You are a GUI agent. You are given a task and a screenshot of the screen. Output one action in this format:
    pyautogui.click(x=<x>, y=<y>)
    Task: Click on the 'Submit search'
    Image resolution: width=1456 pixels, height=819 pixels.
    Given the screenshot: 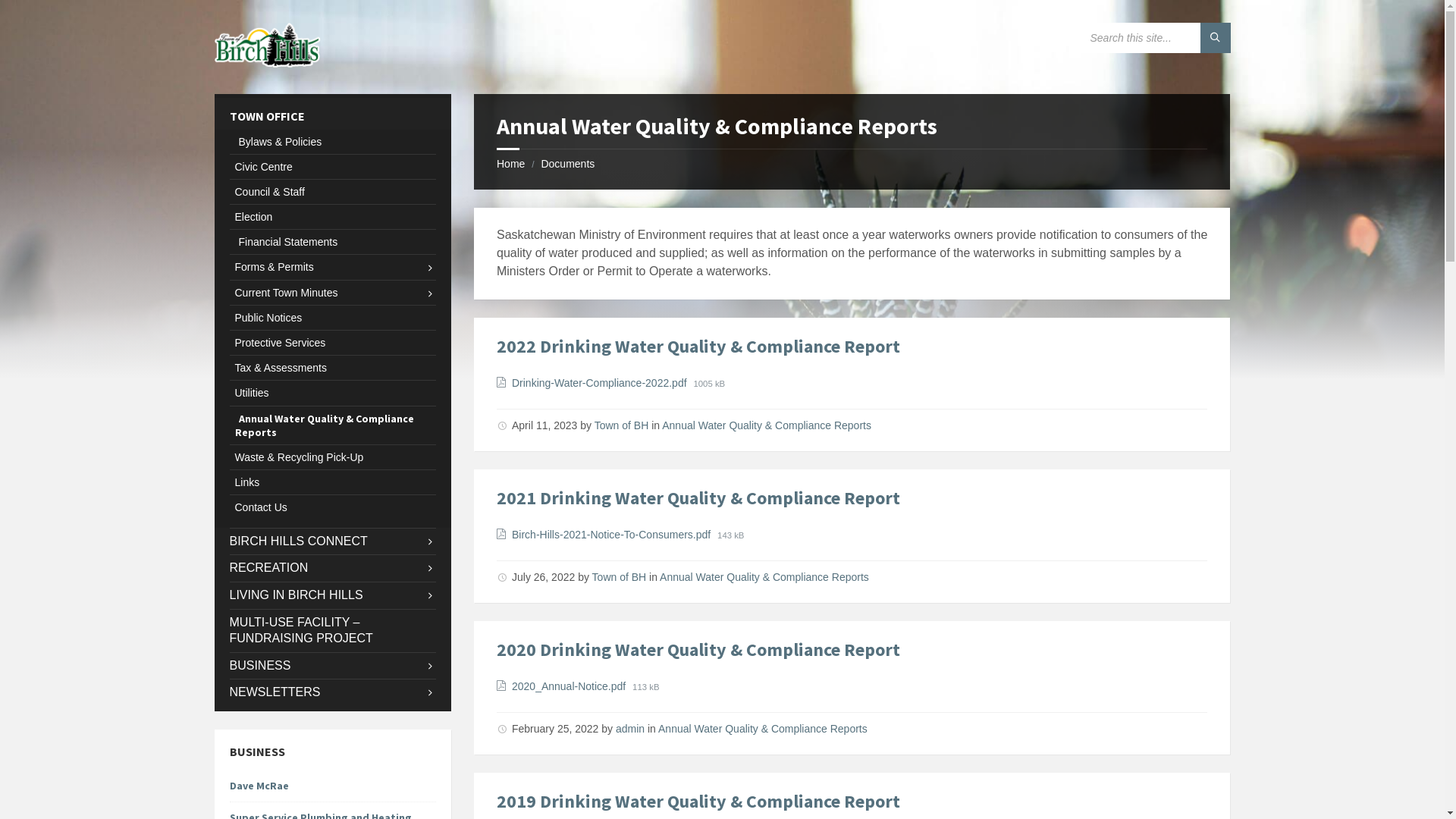 What is the action you would take?
    pyautogui.click(x=1215, y=37)
    